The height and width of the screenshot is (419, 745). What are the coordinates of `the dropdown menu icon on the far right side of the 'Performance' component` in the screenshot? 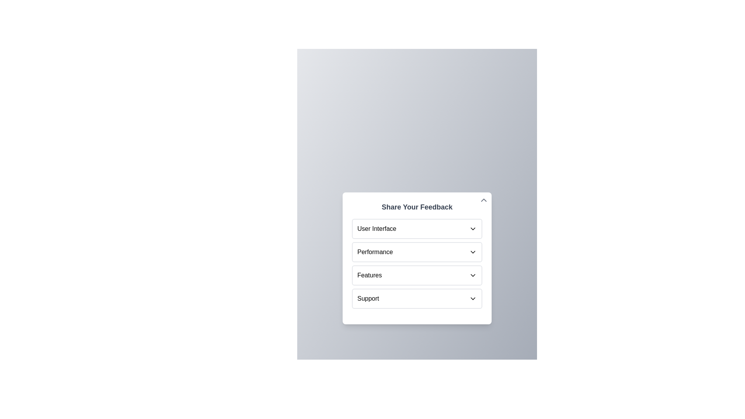 It's located at (473, 252).